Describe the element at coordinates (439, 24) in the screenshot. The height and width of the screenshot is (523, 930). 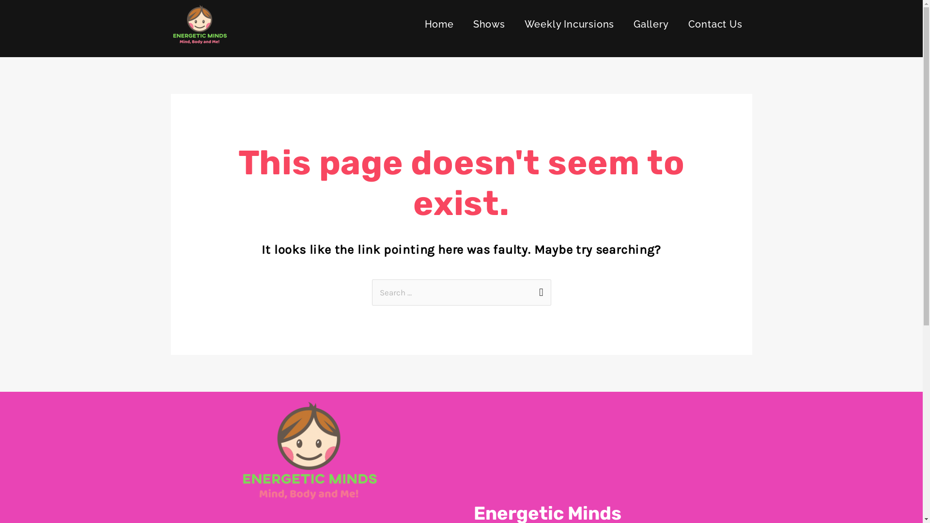
I see `'Home'` at that location.